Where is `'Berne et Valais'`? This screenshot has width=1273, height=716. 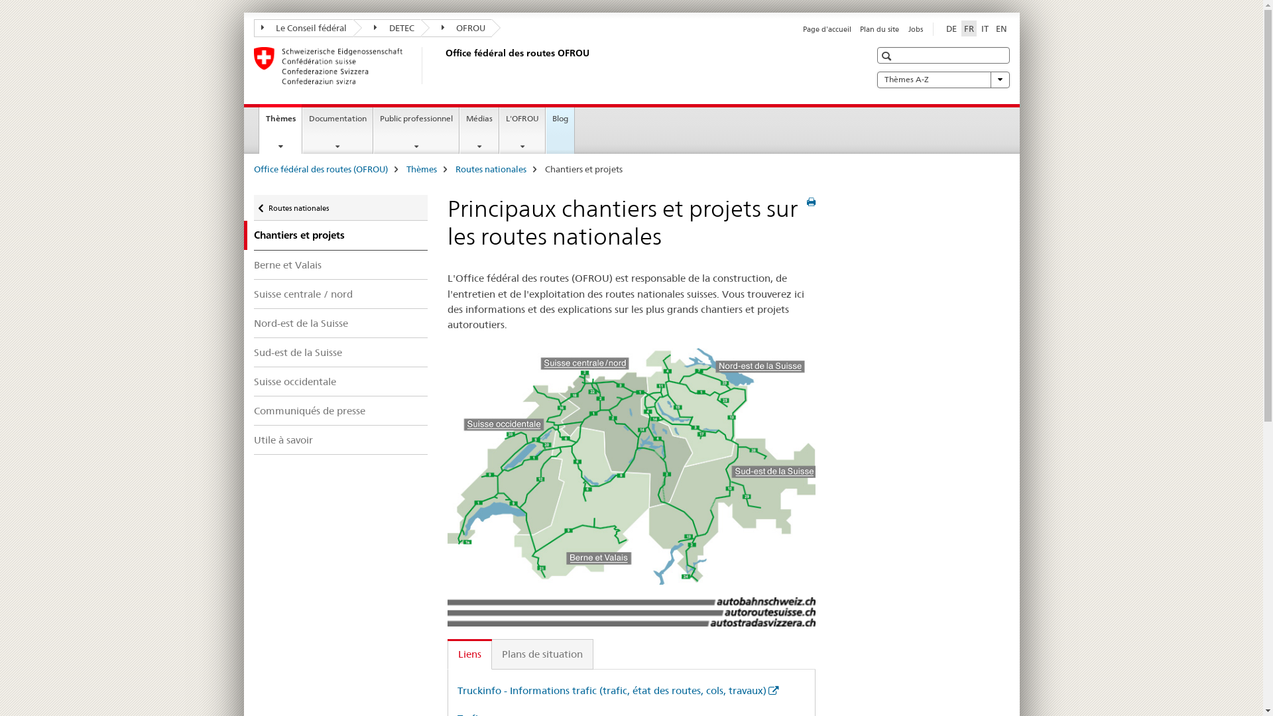 'Berne et Valais' is located at coordinates (340, 265).